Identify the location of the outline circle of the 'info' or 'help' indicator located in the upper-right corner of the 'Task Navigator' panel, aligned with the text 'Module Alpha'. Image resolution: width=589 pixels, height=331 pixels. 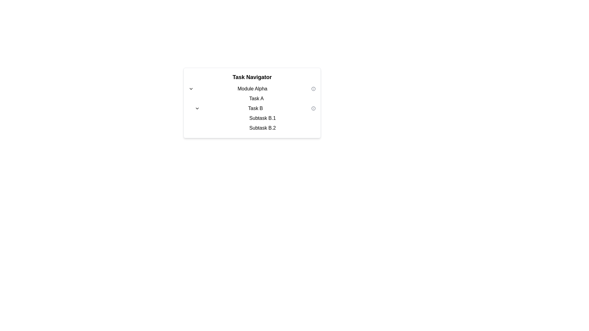
(314, 89).